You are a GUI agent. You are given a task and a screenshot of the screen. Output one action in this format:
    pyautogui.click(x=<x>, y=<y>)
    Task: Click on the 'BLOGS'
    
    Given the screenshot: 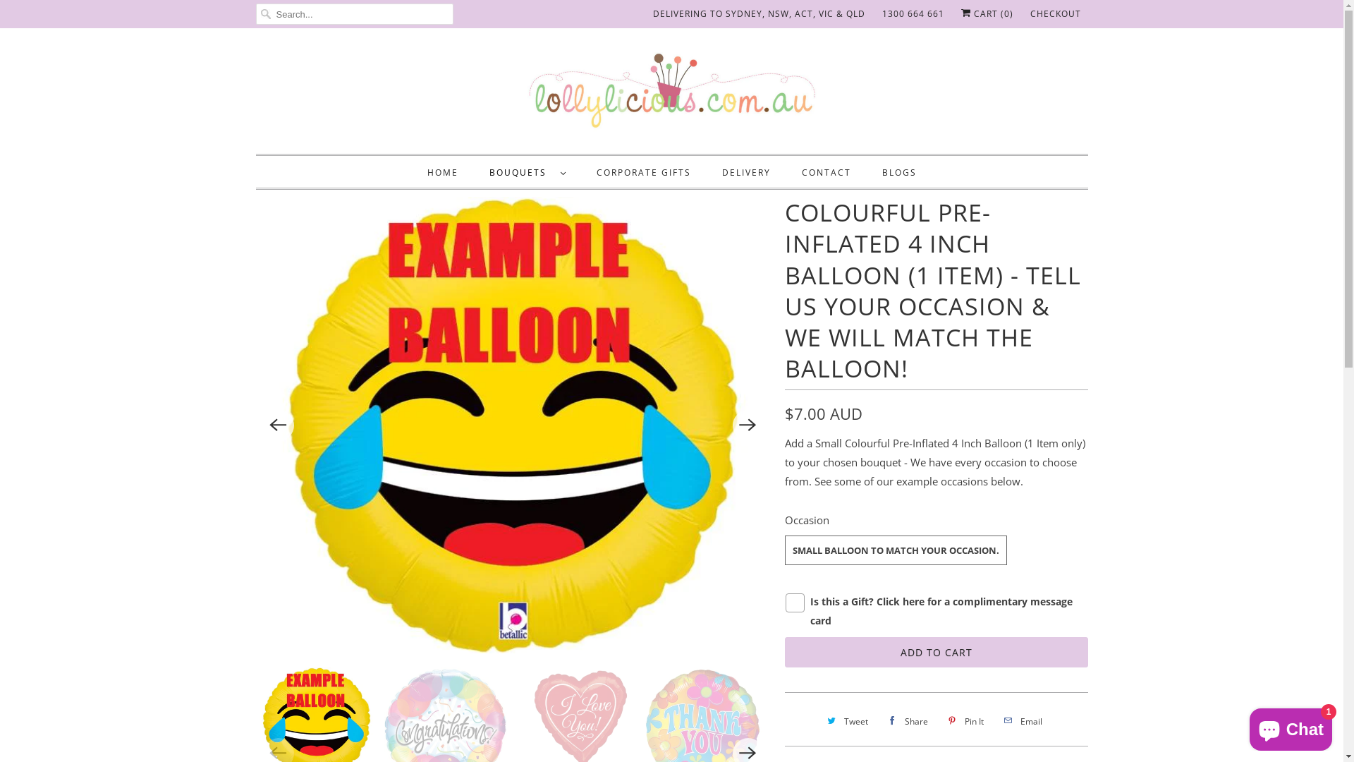 What is the action you would take?
    pyautogui.click(x=880, y=171)
    